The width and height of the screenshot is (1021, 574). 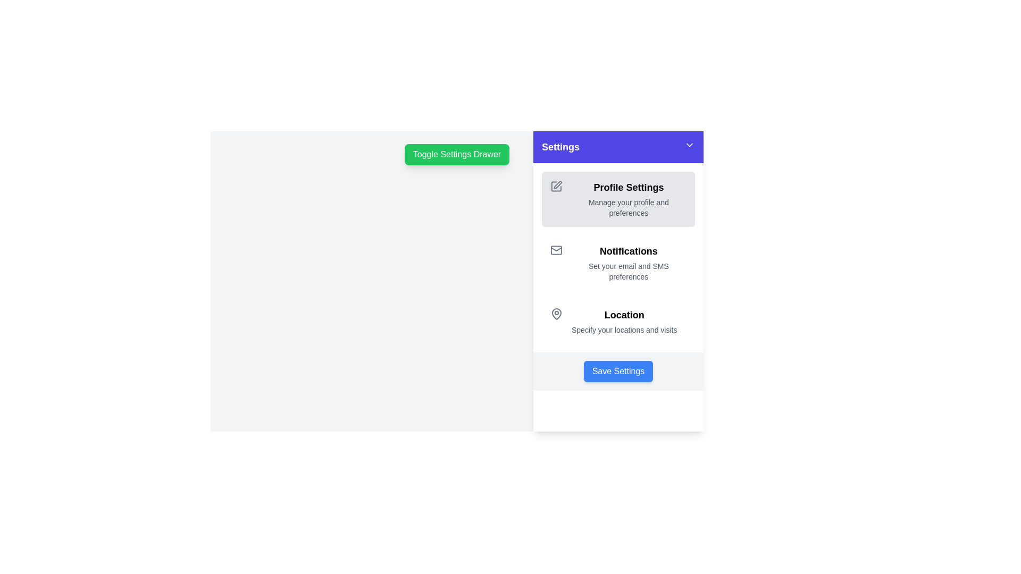 What do you see at coordinates (629, 199) in the screenshot?
I see `the static text block labeled 'Profile Settings' in the right-side settings panel, which serves as a header and description for managing personal profile information and preferences` at bounding box center [629, 199].